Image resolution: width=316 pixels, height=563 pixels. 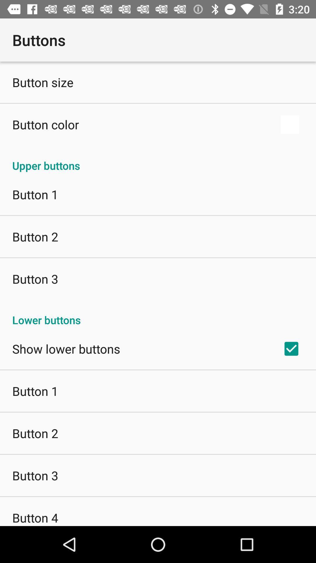 What do you see at coordinates (42, 82) in the screenshot?
I see `the item below buttons` at bounding box center [42, 82].